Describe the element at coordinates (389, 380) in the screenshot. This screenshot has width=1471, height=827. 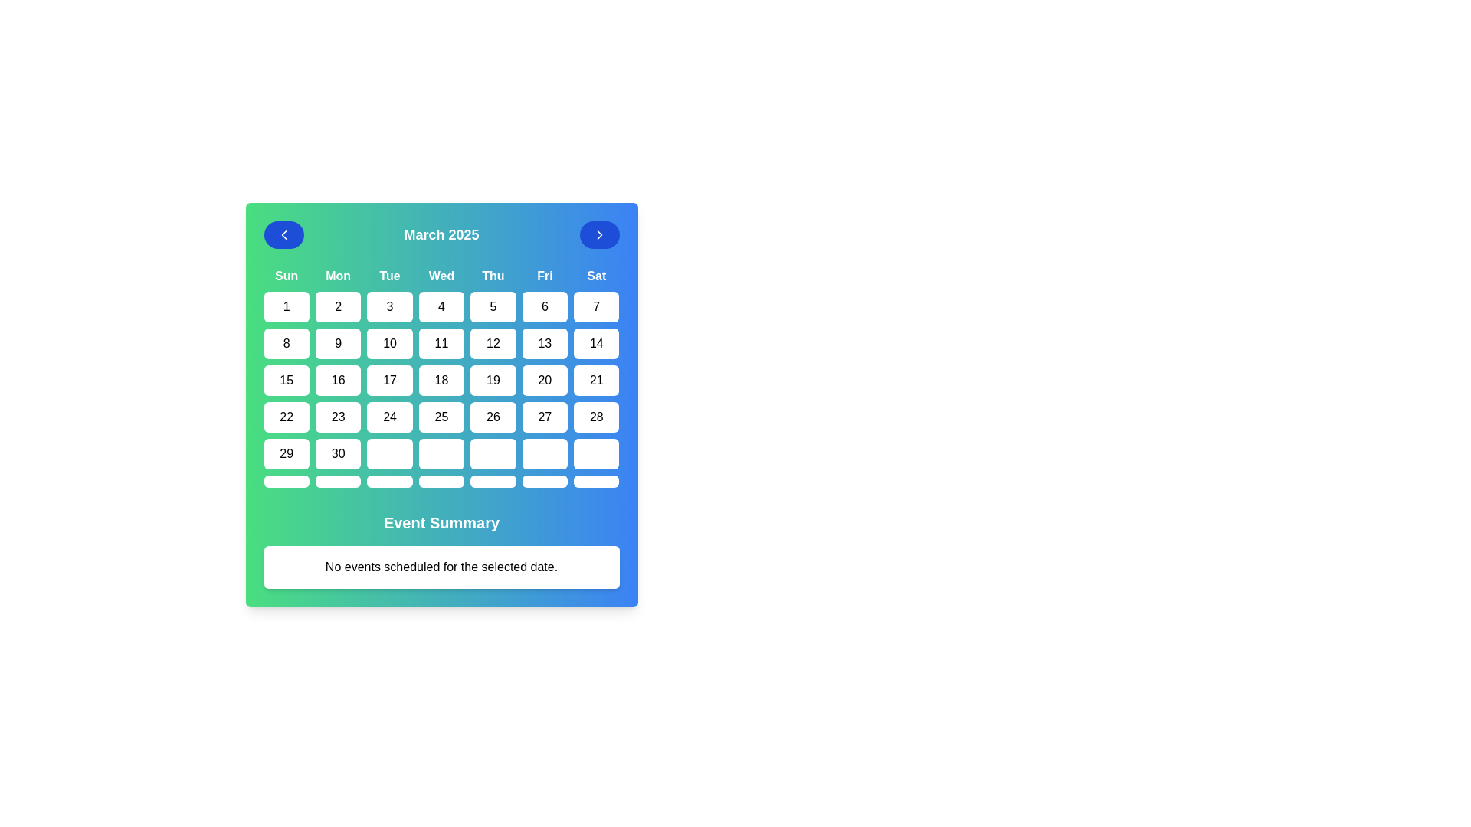
I see `the interactive calendar cell displaying the number '17' located under the 'Tue' column in the third row of dates` at that location.